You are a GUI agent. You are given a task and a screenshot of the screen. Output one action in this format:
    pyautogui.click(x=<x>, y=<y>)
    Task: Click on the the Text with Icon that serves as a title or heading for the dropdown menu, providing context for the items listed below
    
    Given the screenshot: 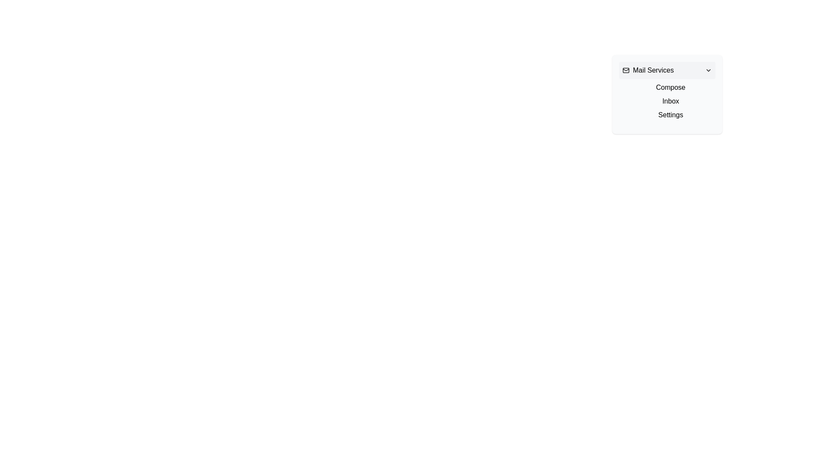 What is the action you would take?
    pyautogui.click(x=648, y=70)
    